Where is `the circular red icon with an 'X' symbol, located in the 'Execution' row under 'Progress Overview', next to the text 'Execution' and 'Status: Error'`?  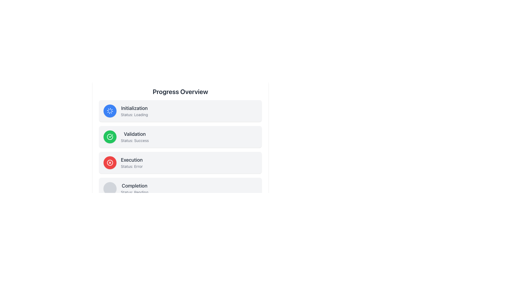 the circular red icon with an 'X' symbol, located in the 'Execution' row under 'Progress Overview', next to the text 'Execution' and 'Status: Error' is located at coordinates (110, 162).